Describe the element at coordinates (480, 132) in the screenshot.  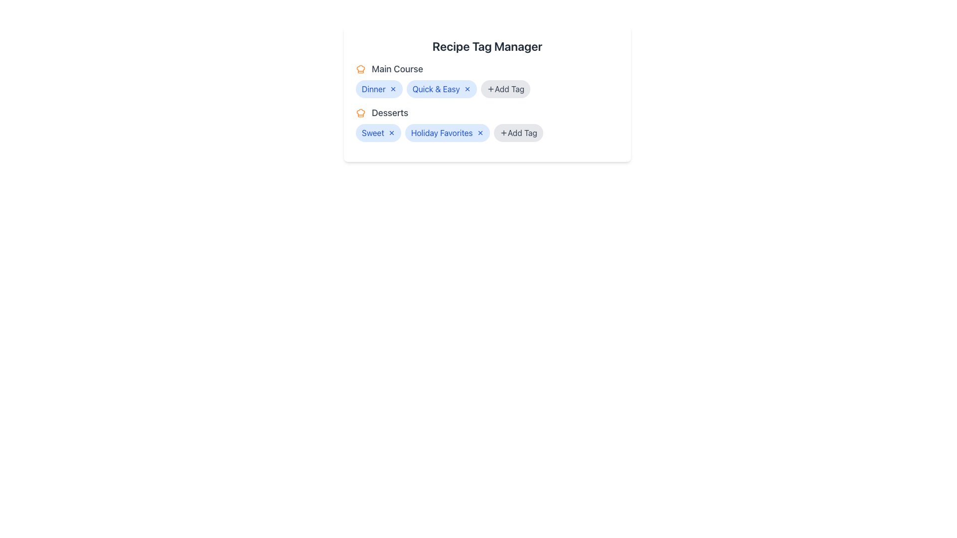
I see `the Interactive button with an icon (cross 'X') located to the immediate right of the text 'Holiday Favorites' in the 'Desserts' section` at that location.